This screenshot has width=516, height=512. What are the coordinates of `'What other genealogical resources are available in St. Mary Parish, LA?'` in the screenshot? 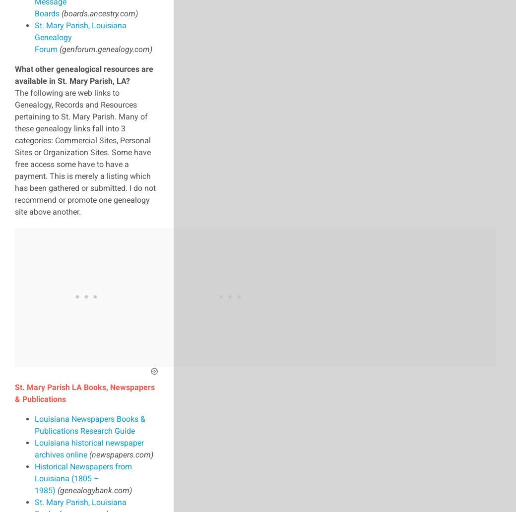 It's located at (14, 74).